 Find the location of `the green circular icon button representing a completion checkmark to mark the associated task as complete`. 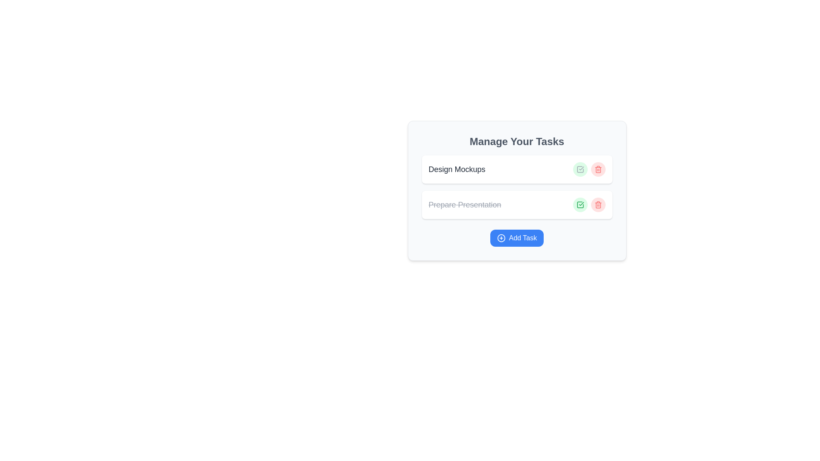

the green circular icon button representing a completion checkmark to mark the associated task as complete is located at coordinates (580, 204).